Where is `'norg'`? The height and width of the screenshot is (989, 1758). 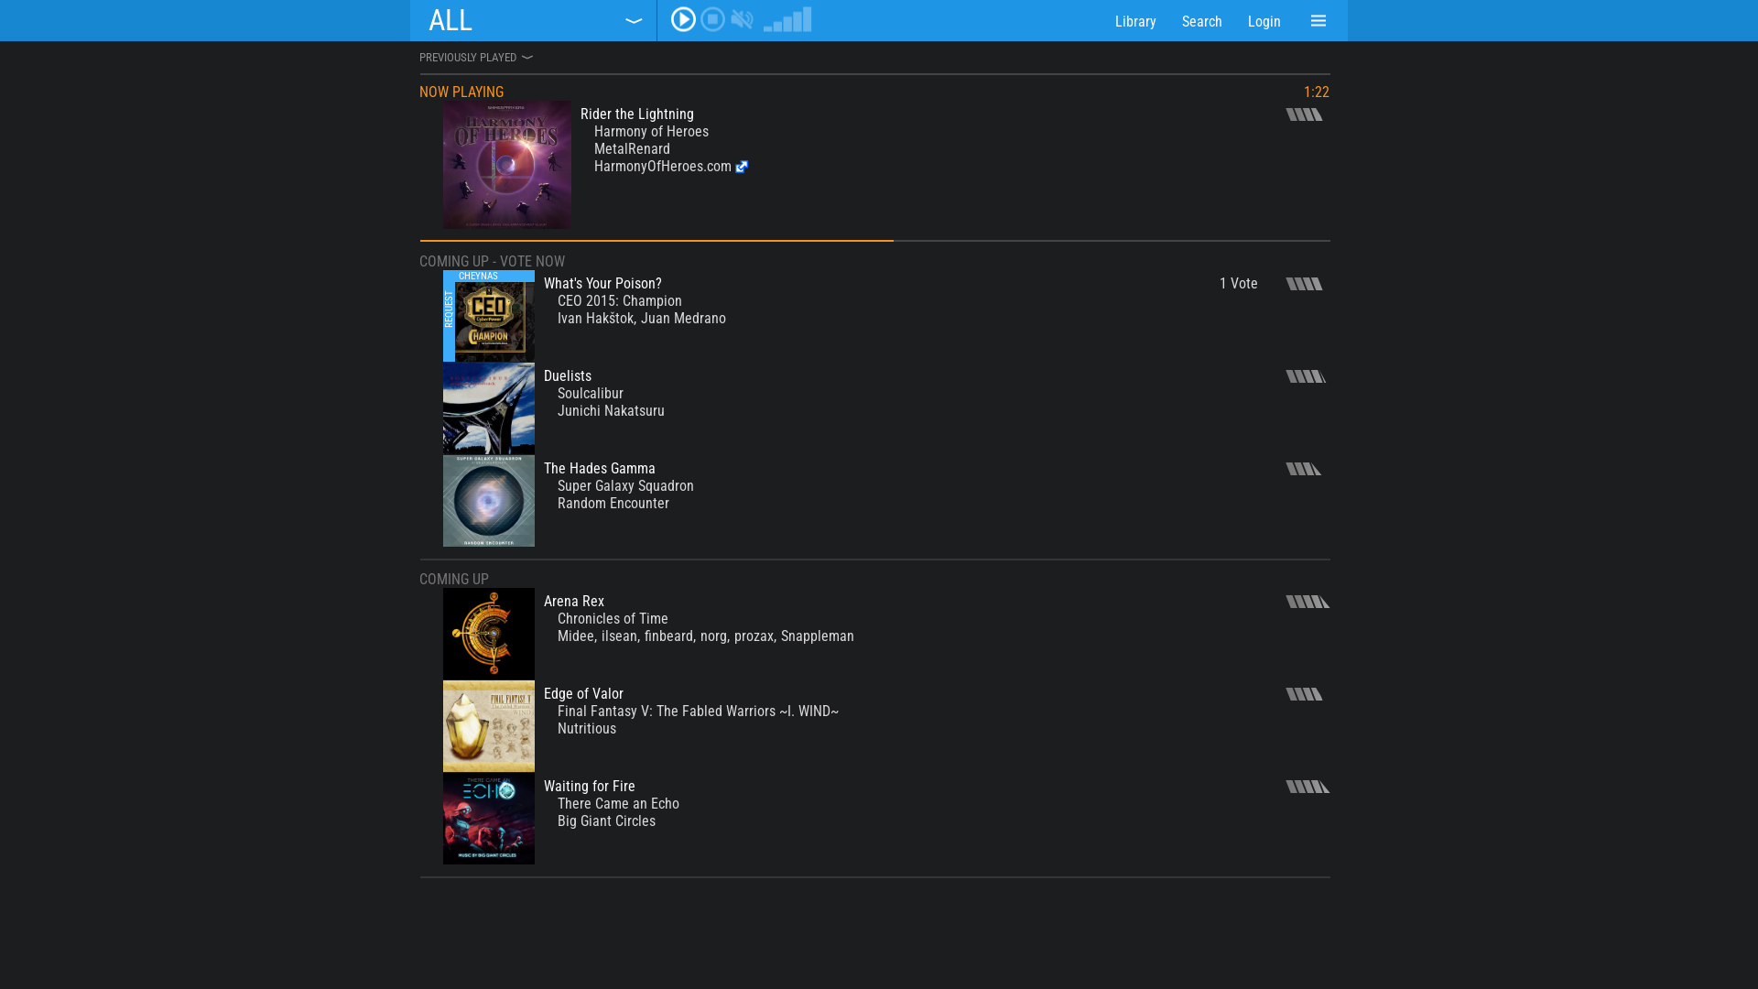 'norg' is located at coordinates (699, 635).